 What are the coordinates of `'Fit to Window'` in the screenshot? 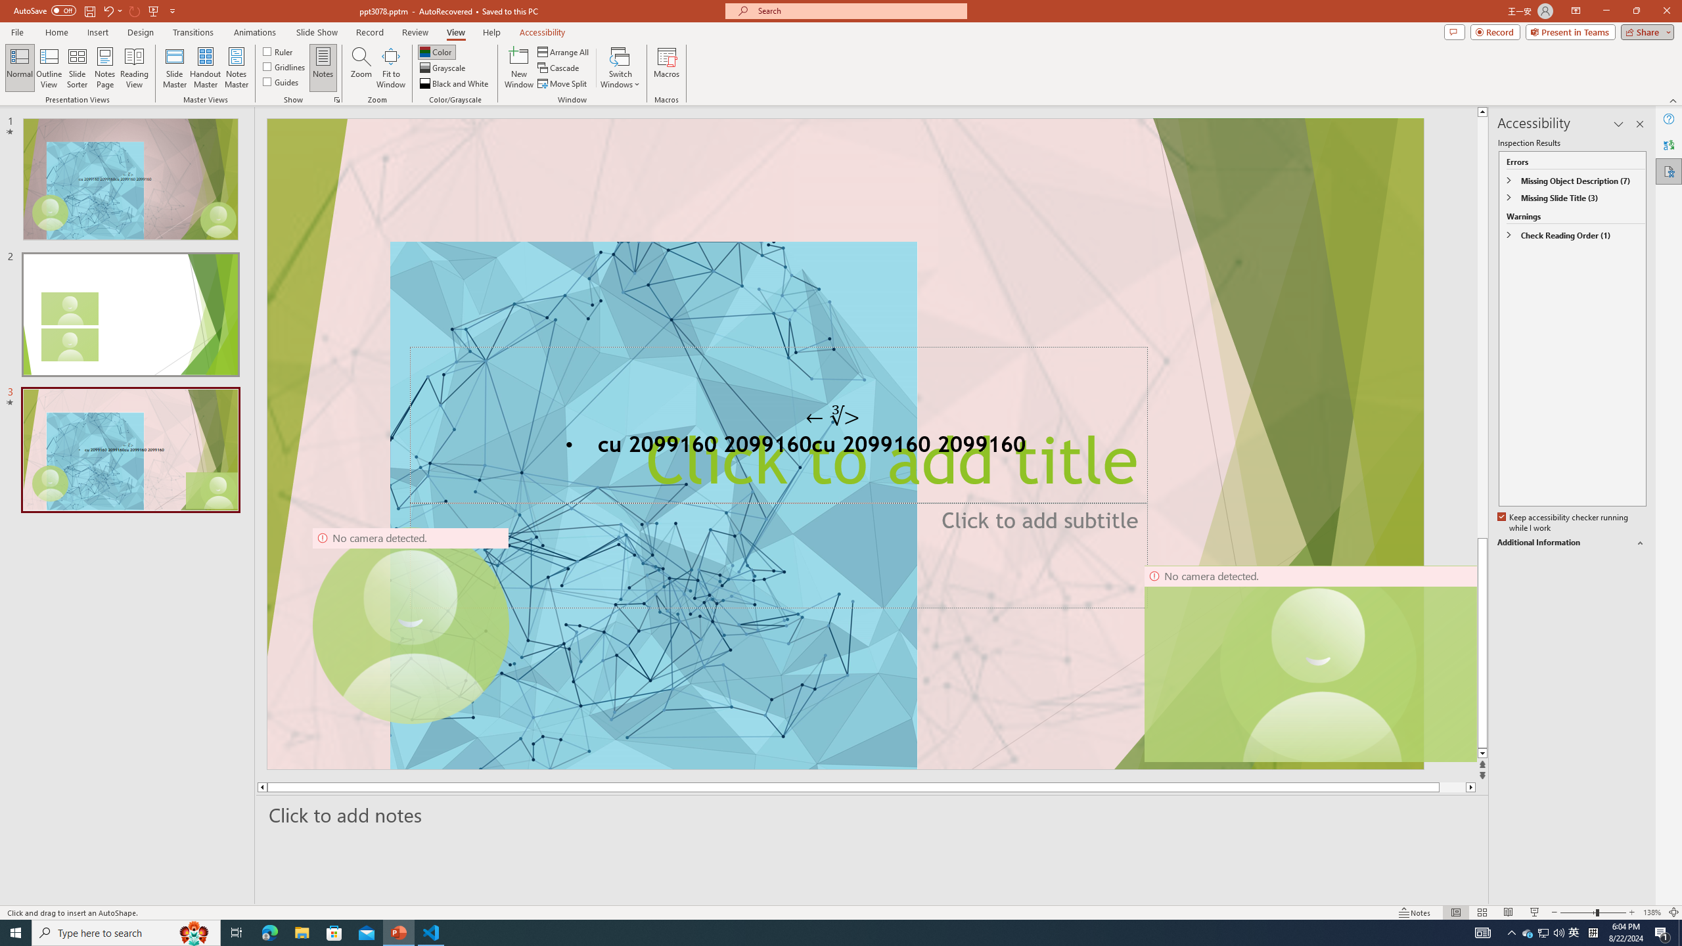 It's located at (391, 68).